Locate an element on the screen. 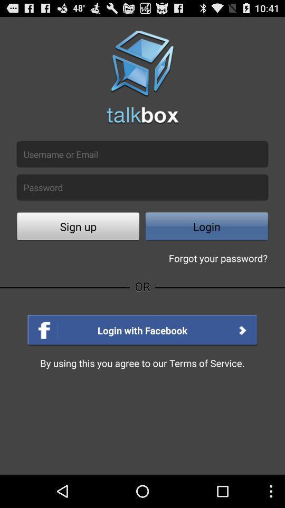  item below the login button is located at coordinates (217, 257).